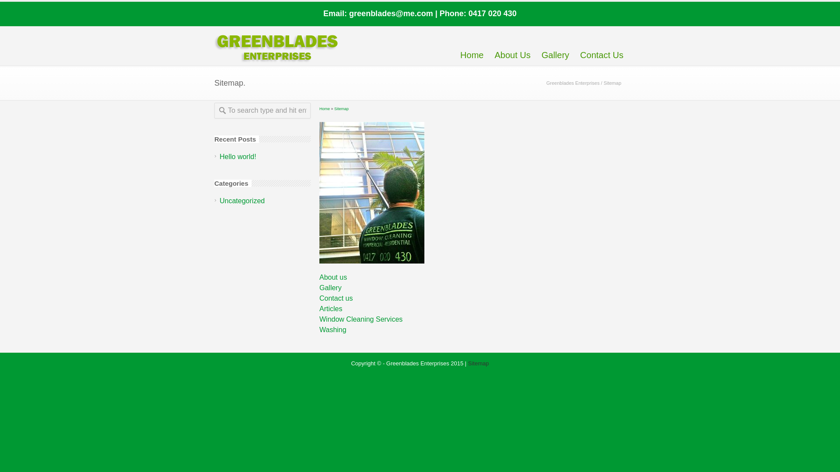 This screenshot has height=472, width=840. Describe the element at coordinates (341, 108) in the screenshot. I see `'Sitemap'` at that location.